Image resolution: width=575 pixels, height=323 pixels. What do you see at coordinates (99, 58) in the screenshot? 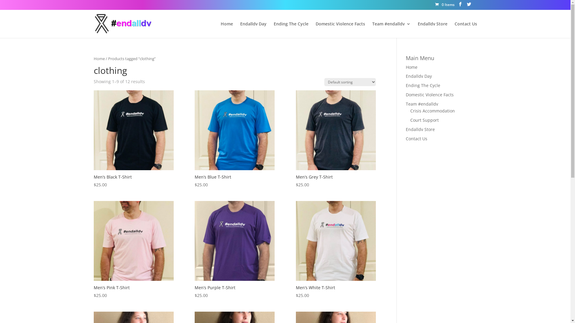
I see `'Home'` at bounding box center [99, 58].